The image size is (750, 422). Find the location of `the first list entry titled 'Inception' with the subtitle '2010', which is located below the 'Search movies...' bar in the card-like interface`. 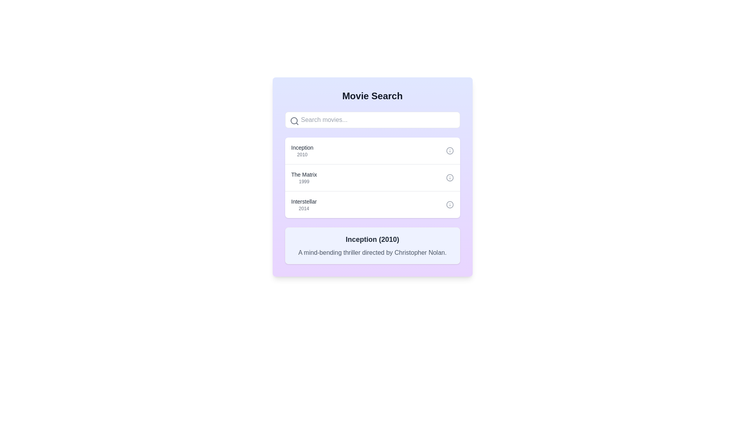

the first list entry titled 'Inception' with the subtitle '2010', which is located below the 'Search movies...' bar in the card-like interface is located at coordinates (372, 150).